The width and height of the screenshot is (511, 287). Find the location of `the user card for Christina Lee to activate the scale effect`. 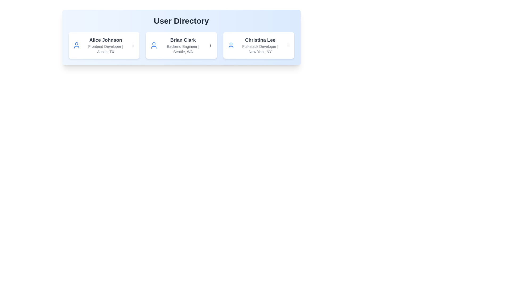

the user card for Christina Lee to activate the scale effect is located at coordinates (259, 45).